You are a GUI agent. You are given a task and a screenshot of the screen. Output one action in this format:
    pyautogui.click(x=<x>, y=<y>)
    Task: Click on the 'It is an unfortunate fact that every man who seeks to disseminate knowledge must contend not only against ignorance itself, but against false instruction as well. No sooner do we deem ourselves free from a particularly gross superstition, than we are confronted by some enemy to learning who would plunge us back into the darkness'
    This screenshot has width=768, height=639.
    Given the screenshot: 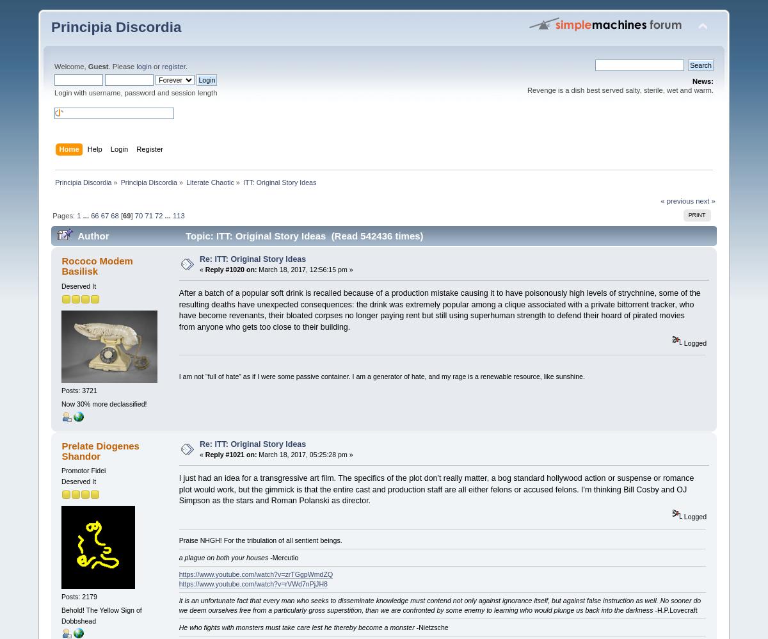 What is the action you would take?
    pyautogui.click(x=440, y=605)
    